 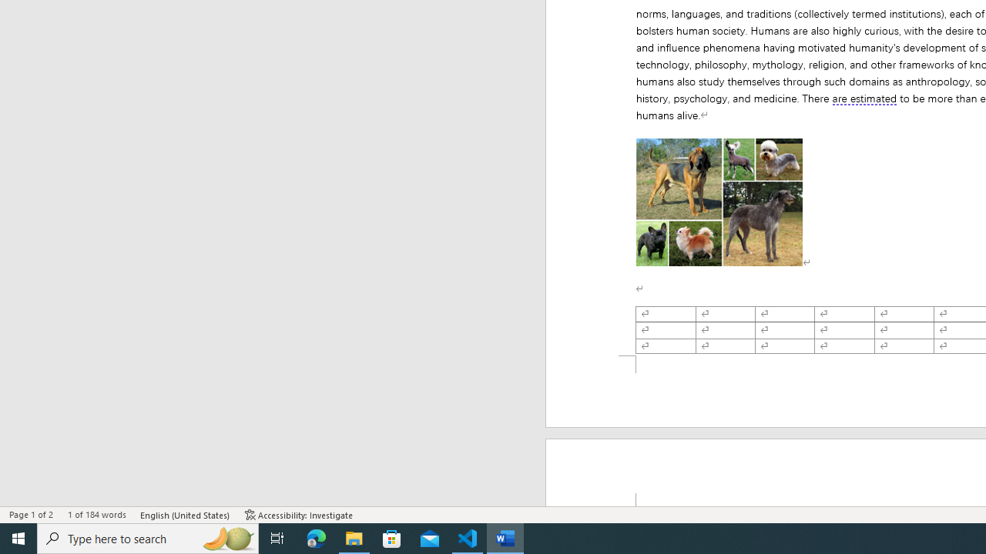 I want to click on 'Word - 1 running window', so click(x=505, y=537).